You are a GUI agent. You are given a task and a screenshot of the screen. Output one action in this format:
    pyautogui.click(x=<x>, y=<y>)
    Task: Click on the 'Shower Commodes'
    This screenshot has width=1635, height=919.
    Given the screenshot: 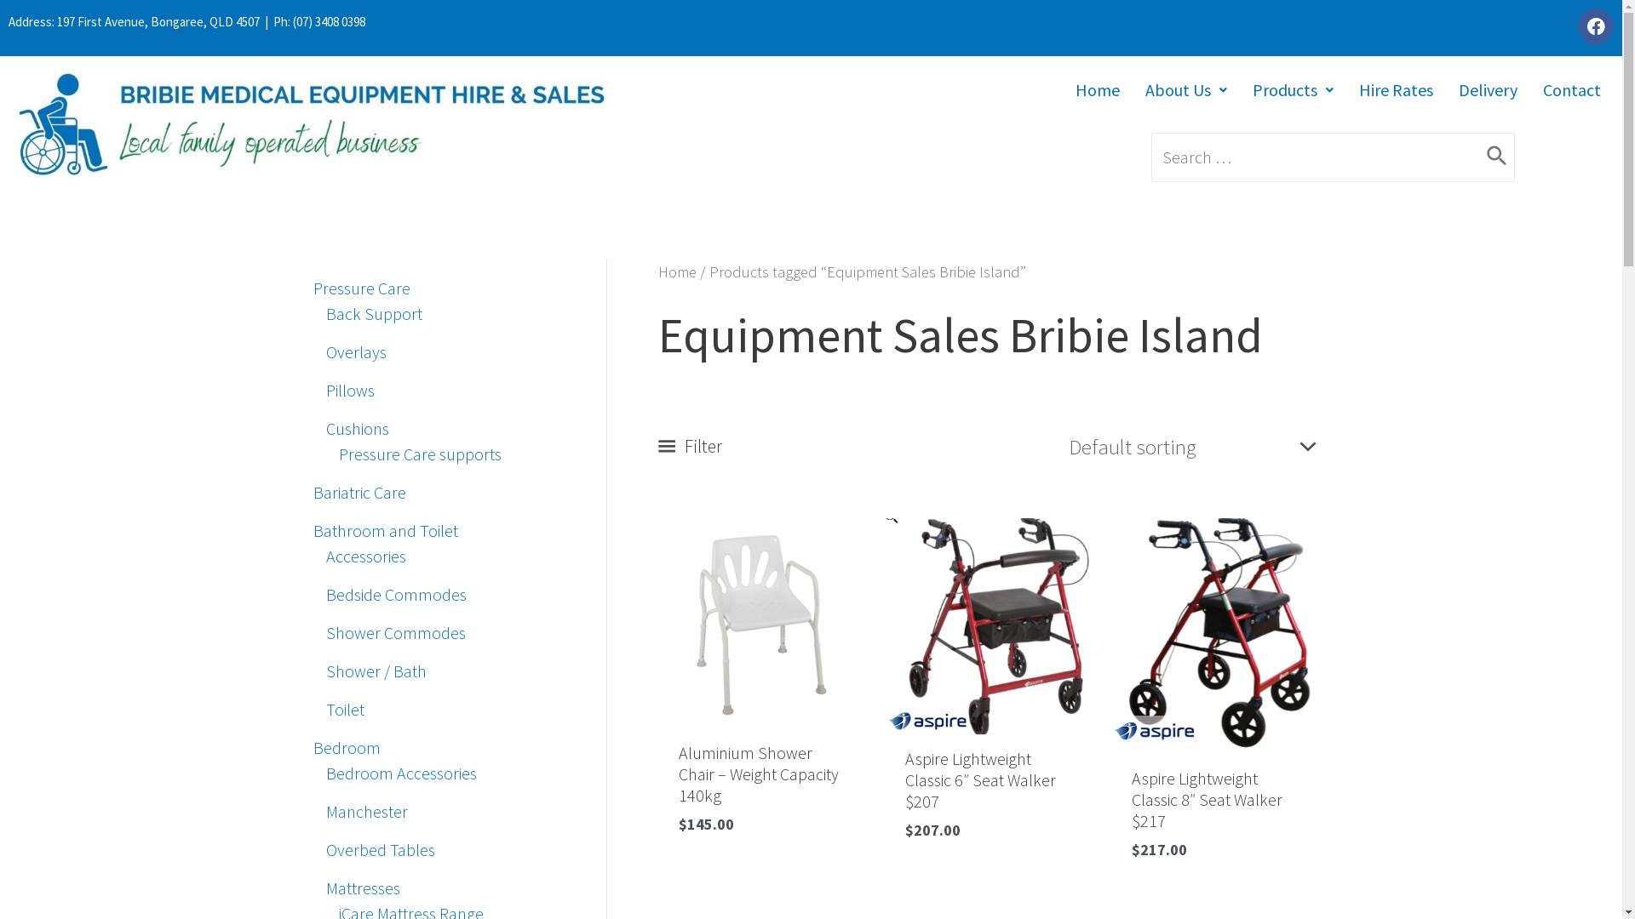 What is the action you would take?
    pyautogui.click(x=325, y=632)
    